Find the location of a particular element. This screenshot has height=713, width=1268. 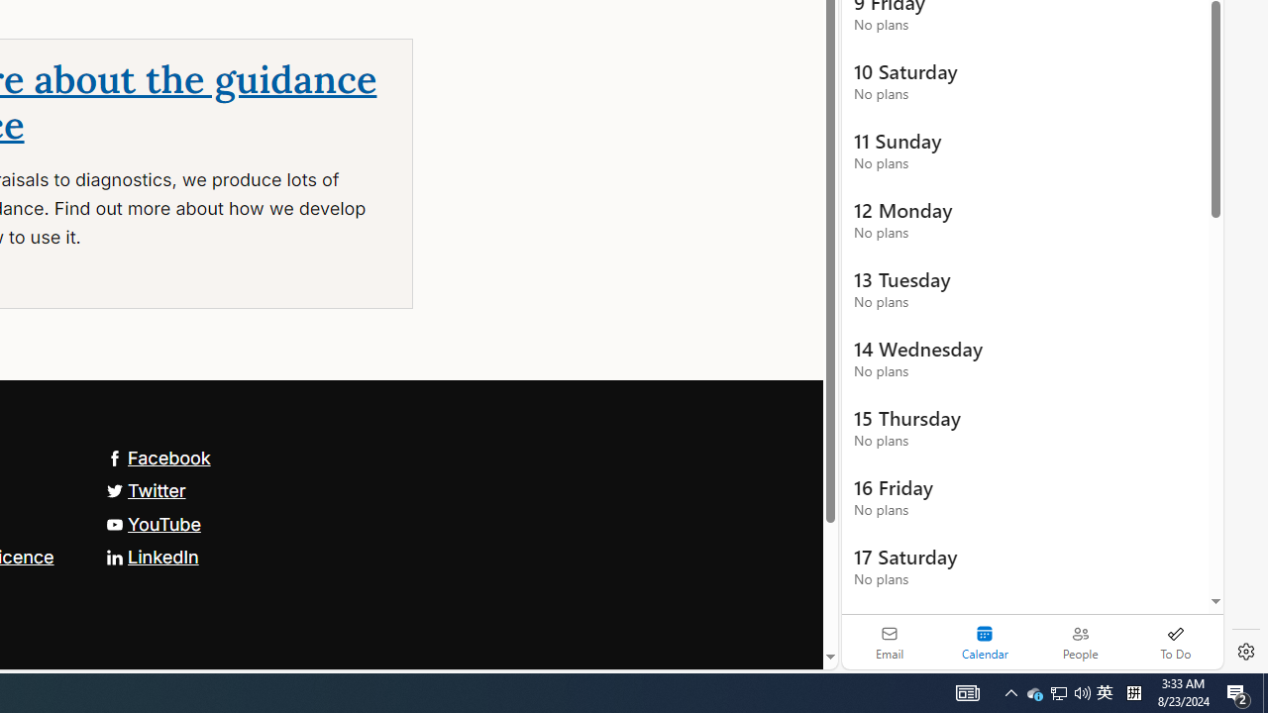

'Selected calendar module. Date today is 22' is located at coordinates (985, 642).